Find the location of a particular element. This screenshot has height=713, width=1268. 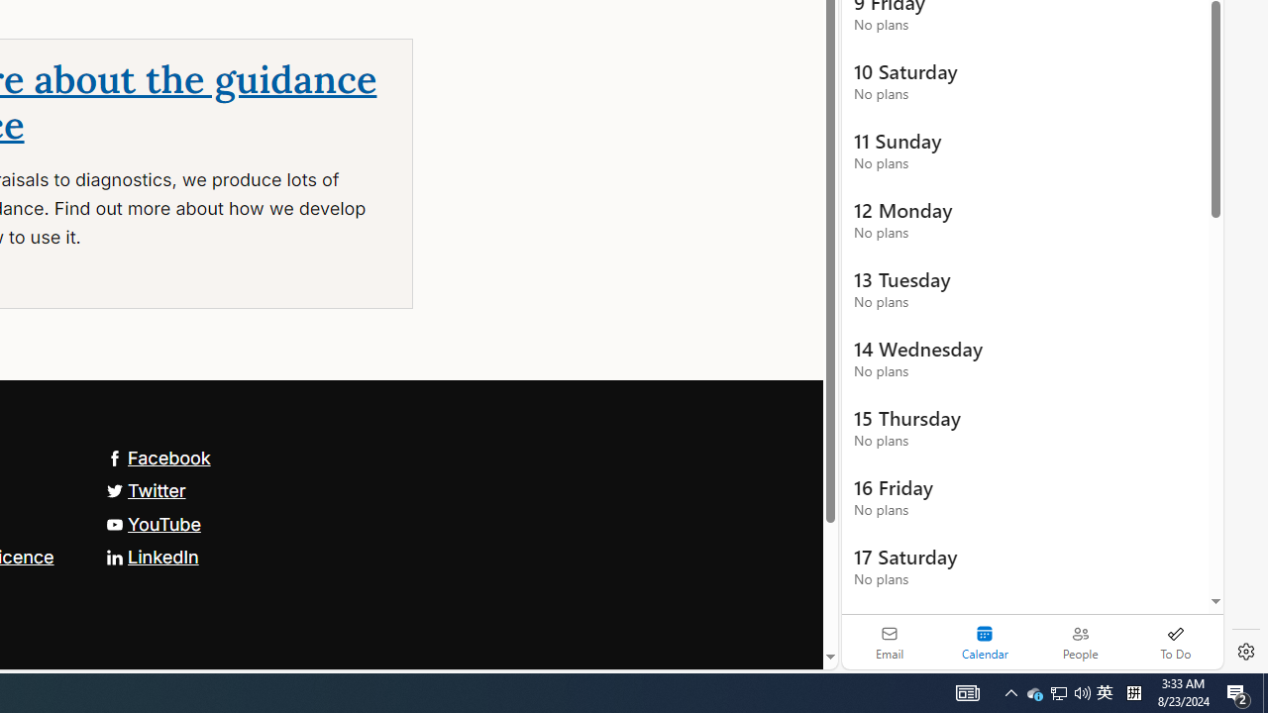

'Selected calendar module. Date today is 22' is located at coordinates (985, 642).